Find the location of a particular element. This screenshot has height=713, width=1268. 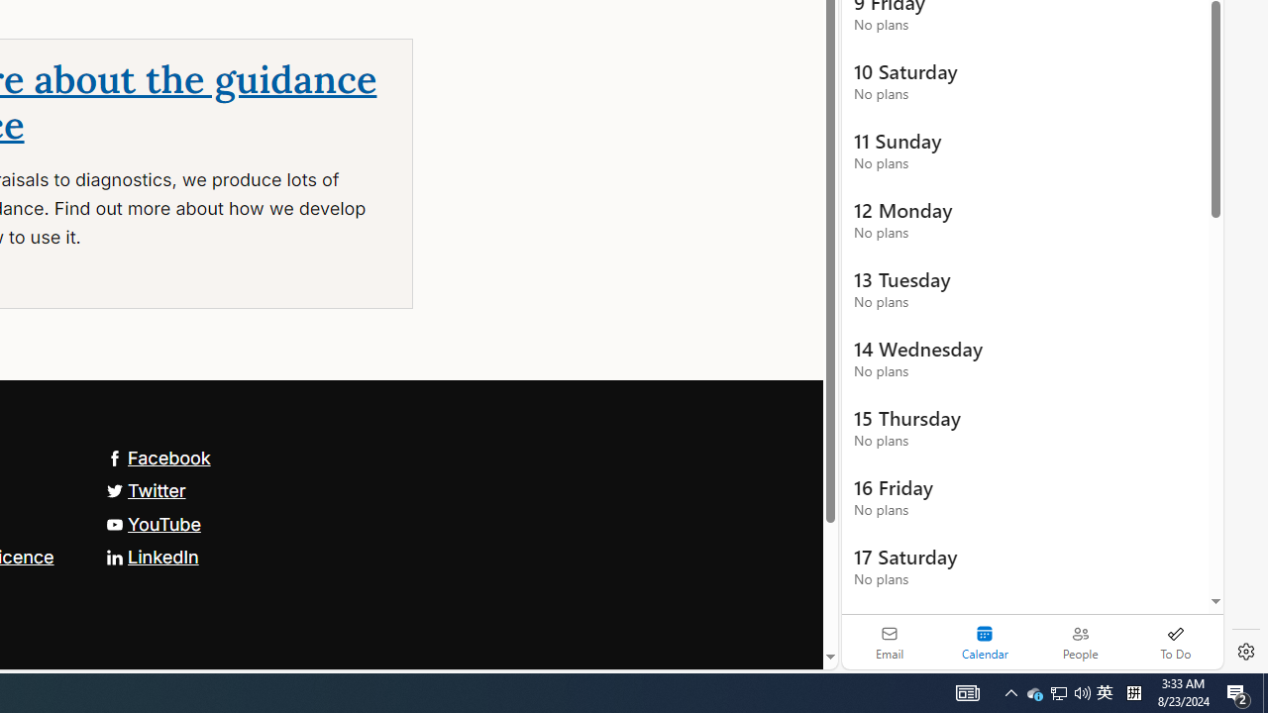

'Selected calendar module. Date today is 22' is located at coordinates (985, 642).